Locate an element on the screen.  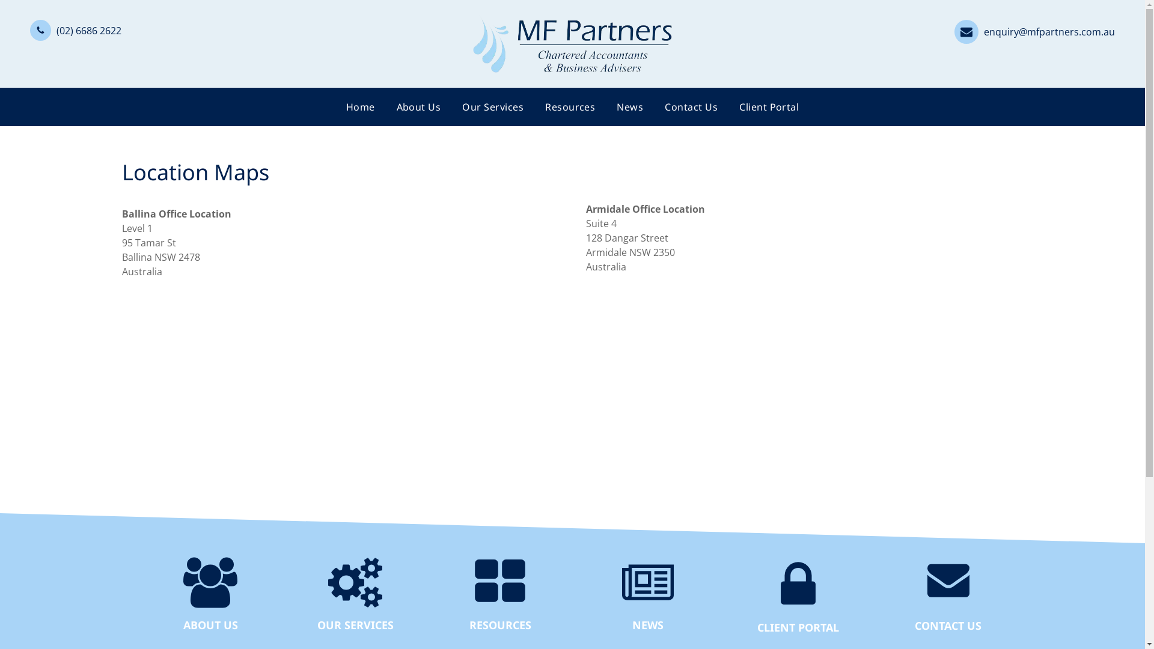
'(02) 6686 2622' is located at coordinates (75, 29).